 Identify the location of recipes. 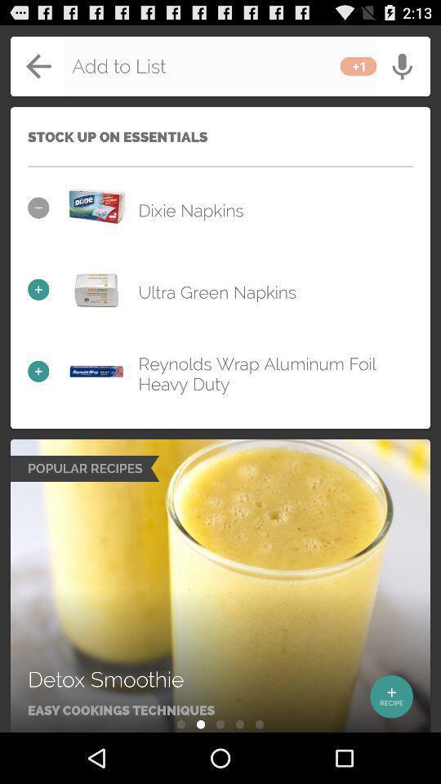
(220, 586).